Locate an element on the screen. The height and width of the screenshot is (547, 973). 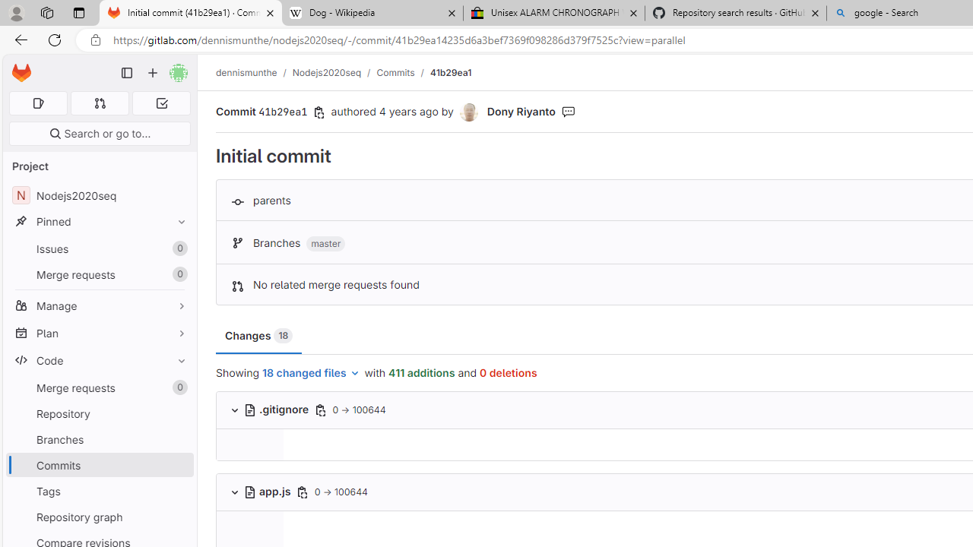
'Pin Repository' is located at coordinates (178, 413).